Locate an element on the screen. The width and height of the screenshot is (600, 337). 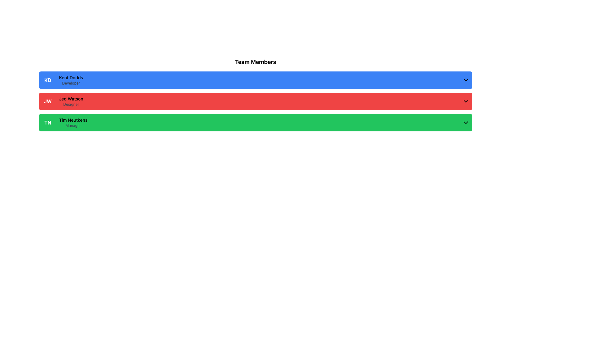
text content of the element displaying the name 'Tim Neutkens' and the role 'Manager', which is located in the green section of a stacked list of team members, to the right of the circular 'TN' avatar icon is located at coordinates (73, 123).